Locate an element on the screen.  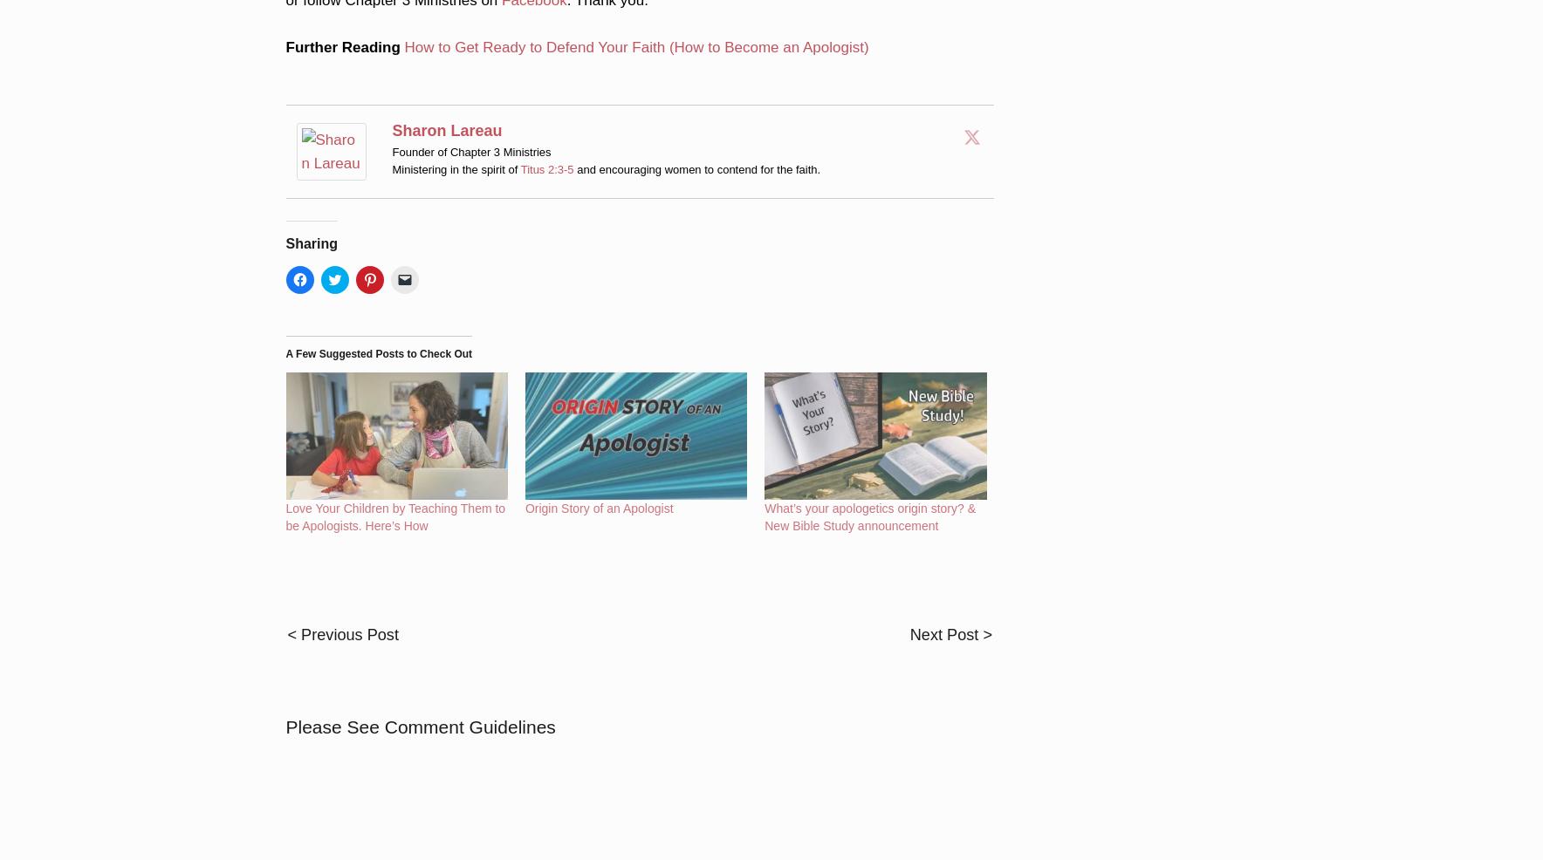
'Ministering in the spirit of' is located at coordinates (455, 144).